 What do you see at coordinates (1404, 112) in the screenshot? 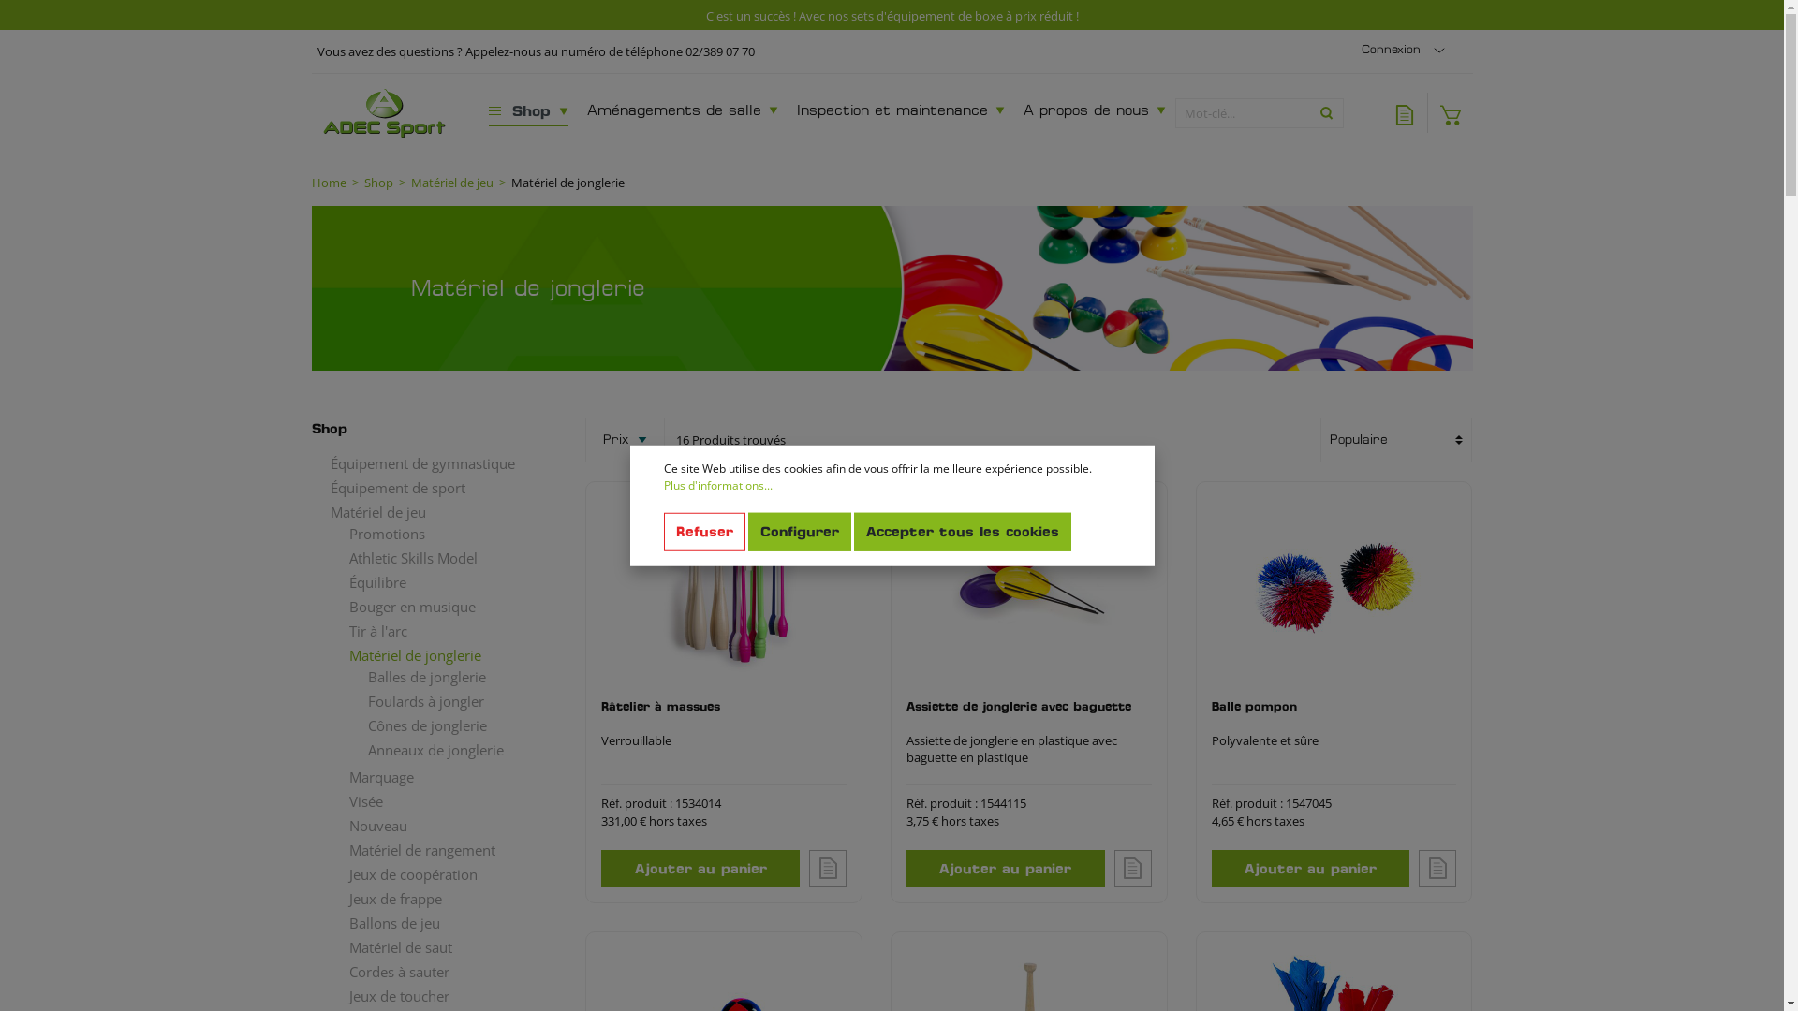
I see `'Liste de voeux'` at bounding box center [1404, 112].